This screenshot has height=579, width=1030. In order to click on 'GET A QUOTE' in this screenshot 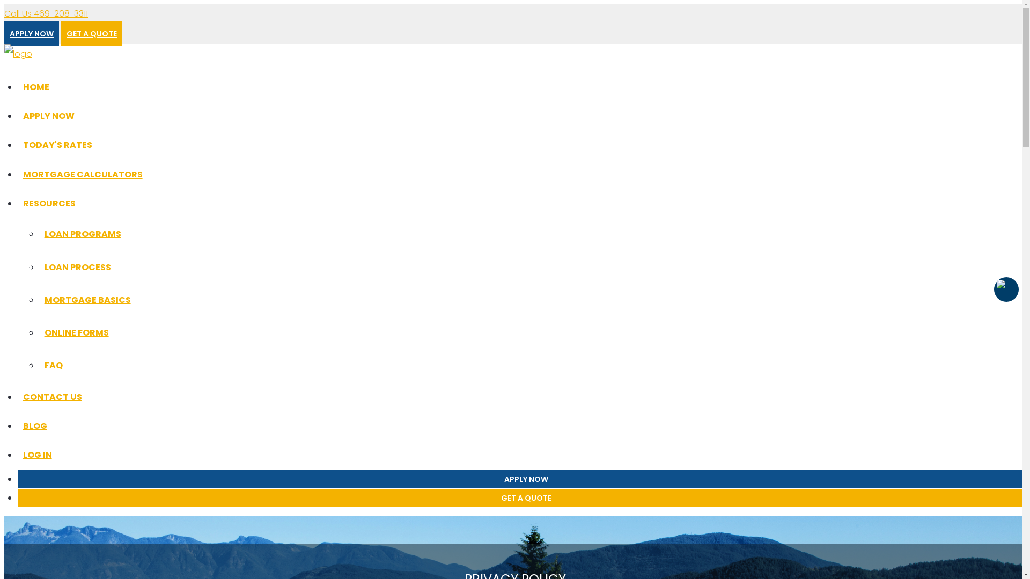, I will do `click(92, 33)`.